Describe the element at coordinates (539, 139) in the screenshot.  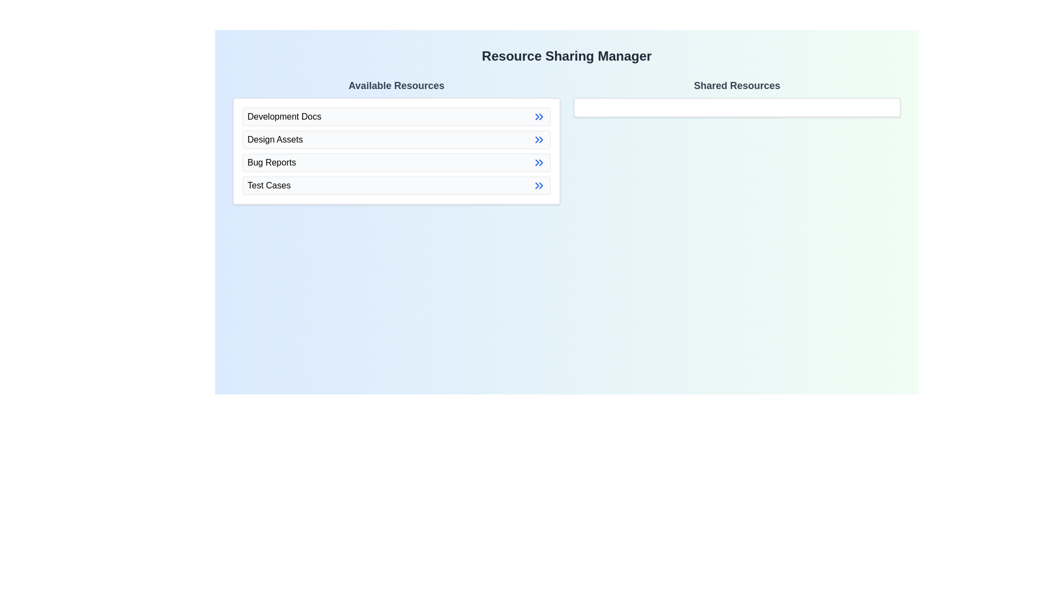
I see `transfer button next to the resource Design Assets to move it to 'Shared Resources'` at that location.